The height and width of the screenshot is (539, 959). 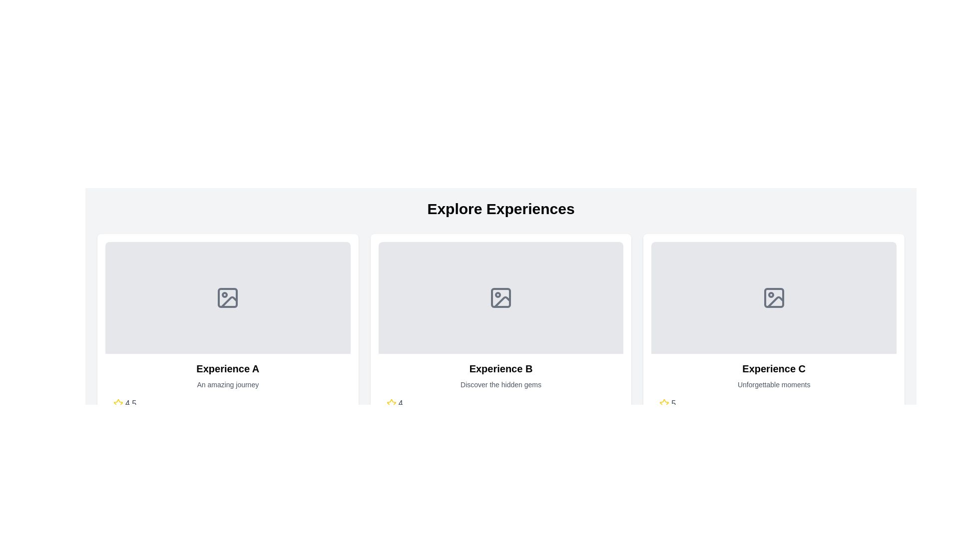 I want to click on the star icon representing a positive rating in the 'Experience C' section, which is located to the left of the numeric rating value '5', so click(x=664, y=403).